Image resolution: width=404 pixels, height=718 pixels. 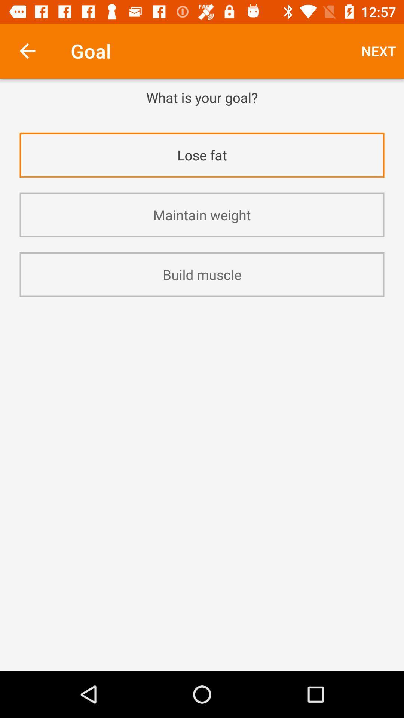 I want to click on the maintain weight icon, so click(x=202, y=214).